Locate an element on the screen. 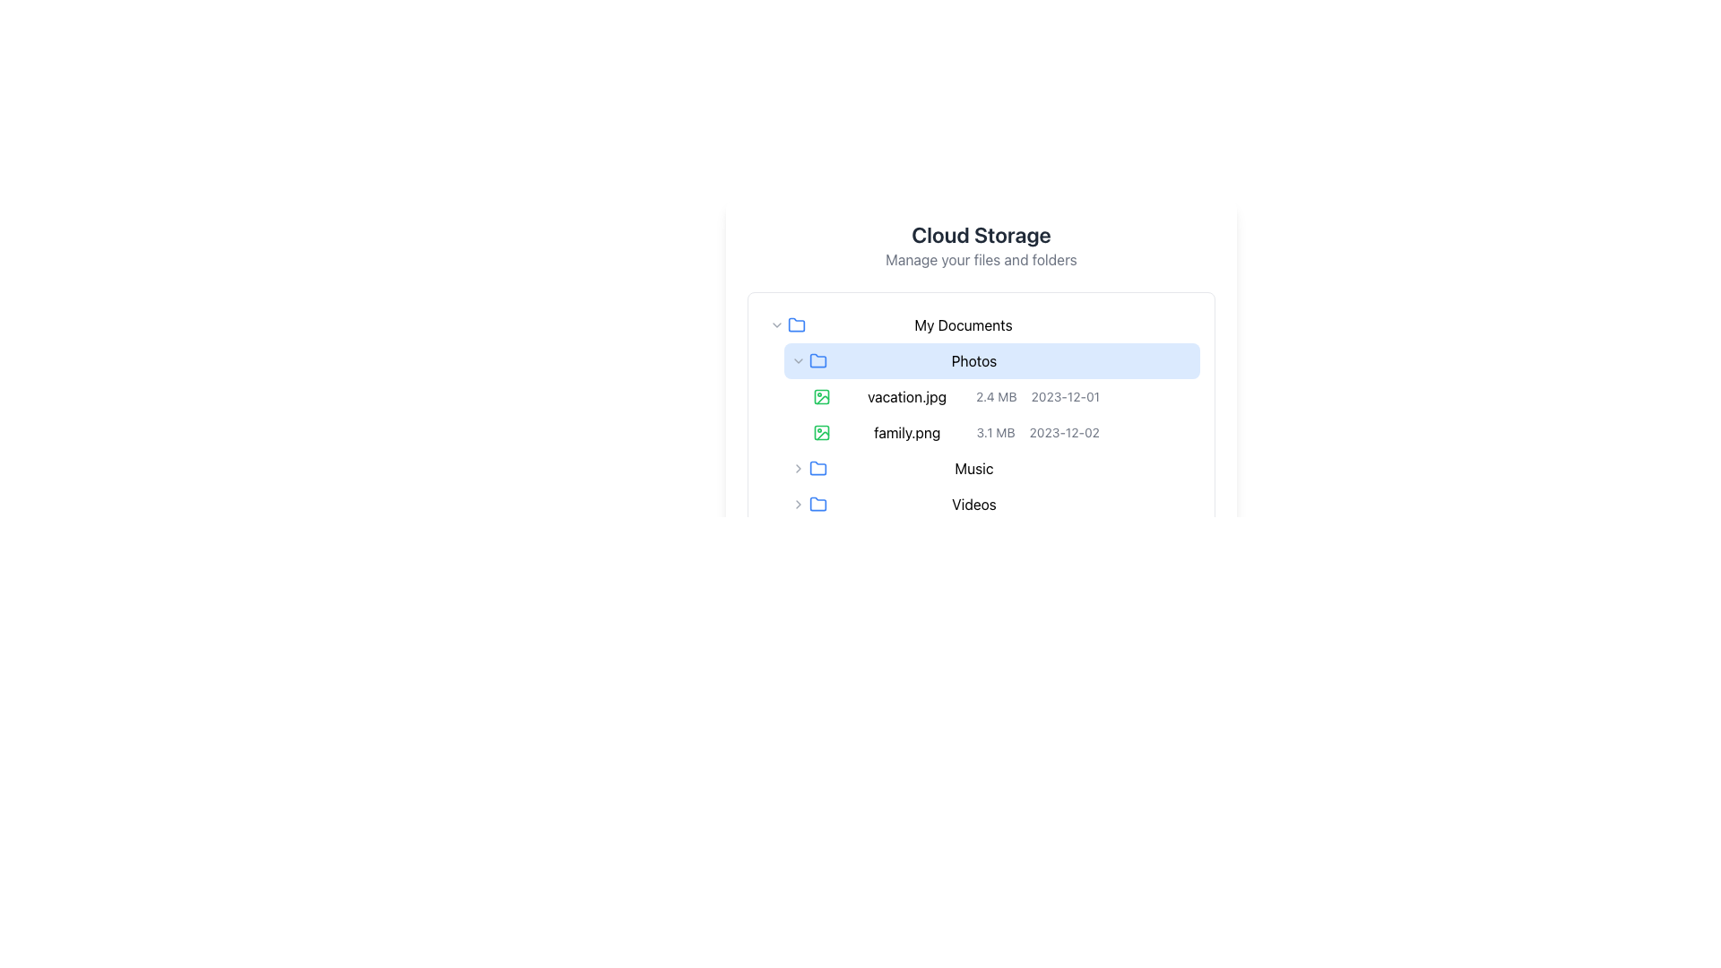 The width and height of the screenshot is (1721, 968). the chevron-down icon that indicates the collapsible section for 'My Documents' is located at coordinates (777, 324).